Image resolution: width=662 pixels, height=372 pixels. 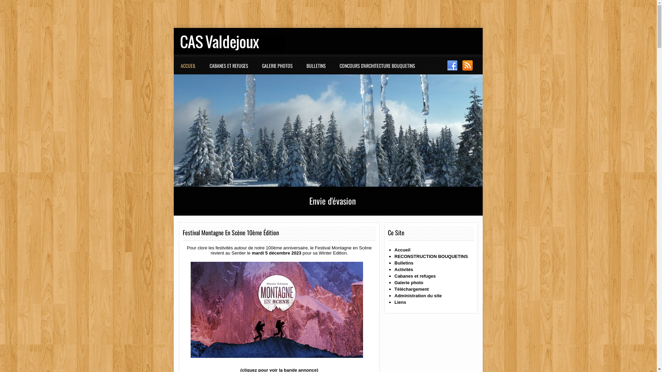 What do you see at coordinates (402, 250) in the screenshot?
I see `'Accueil'` at bounding box center [402, 250].